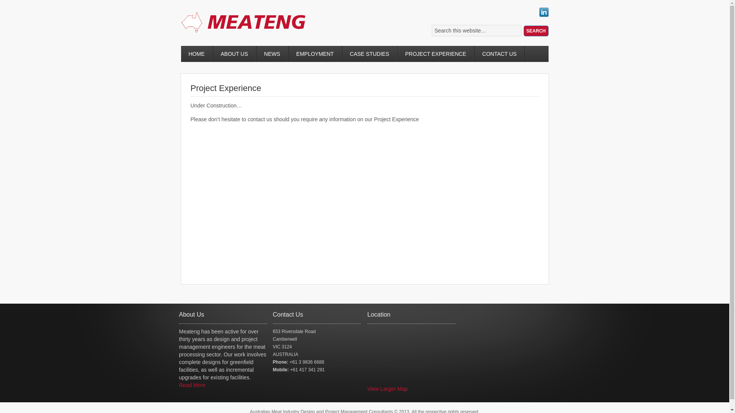 The height and width of the screenshot is (413, 735). What do you see at coordinates (536, 31) in the screenshot?
I see `'Search'` at bounding box center [536, 31].